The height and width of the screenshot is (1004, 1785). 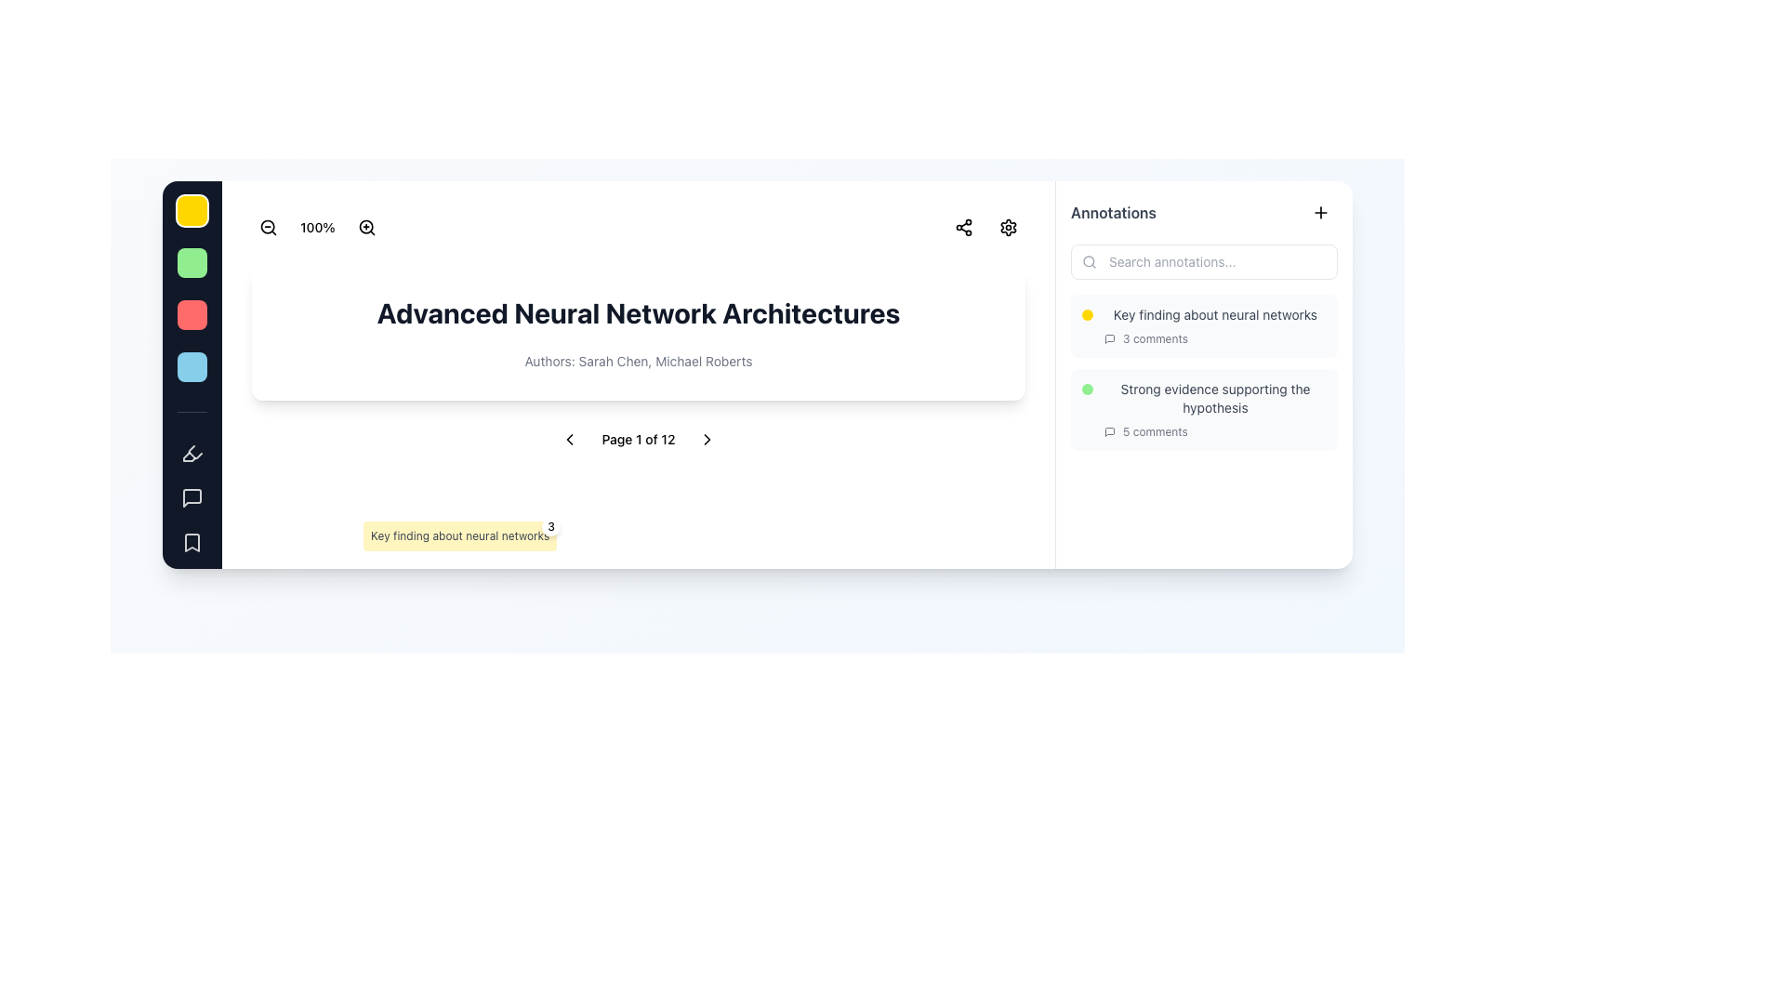 I want to click on the previous page navigation button located to the left of the 'Page 1 of 12' text in the pagination control bar to trigger hover effects, so click(x=569, y=440).